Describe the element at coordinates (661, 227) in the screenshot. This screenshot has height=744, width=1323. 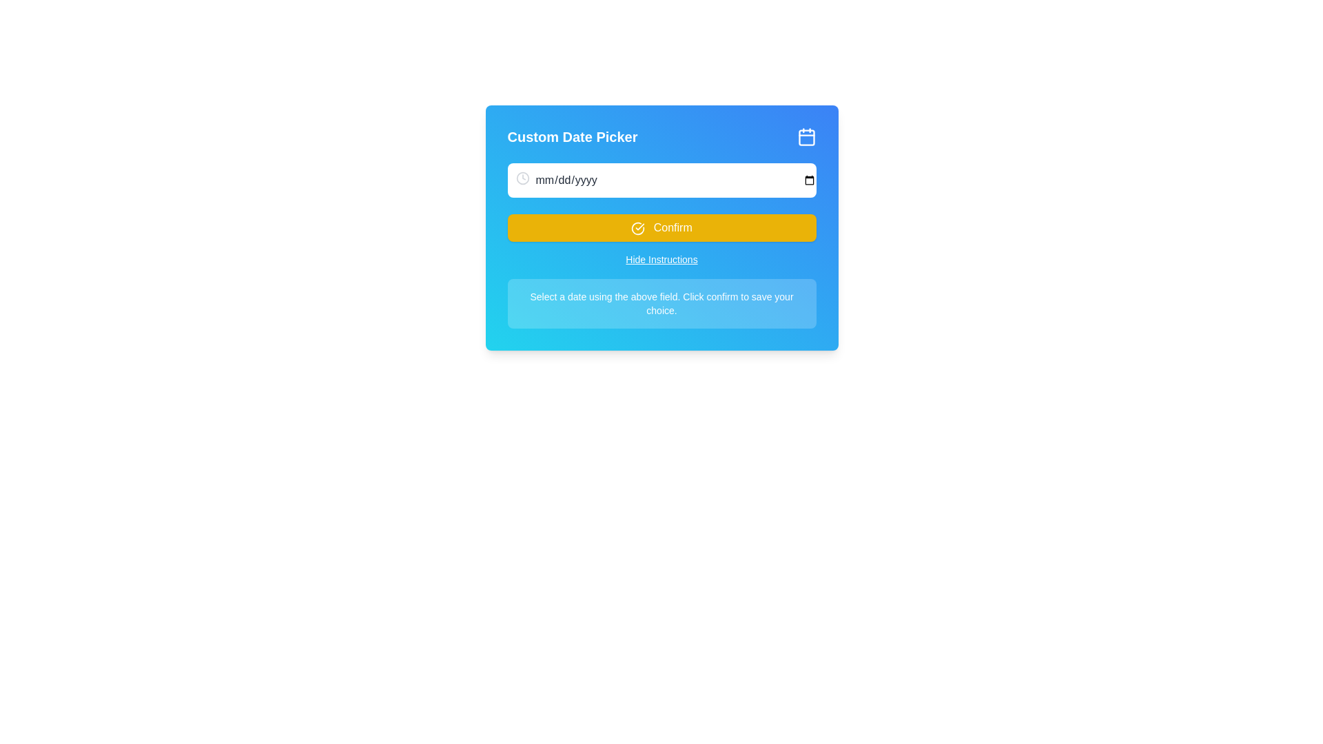
I see `the 'Confirm' button, which has a bright yellow background and a white checkmark icon` at that location.